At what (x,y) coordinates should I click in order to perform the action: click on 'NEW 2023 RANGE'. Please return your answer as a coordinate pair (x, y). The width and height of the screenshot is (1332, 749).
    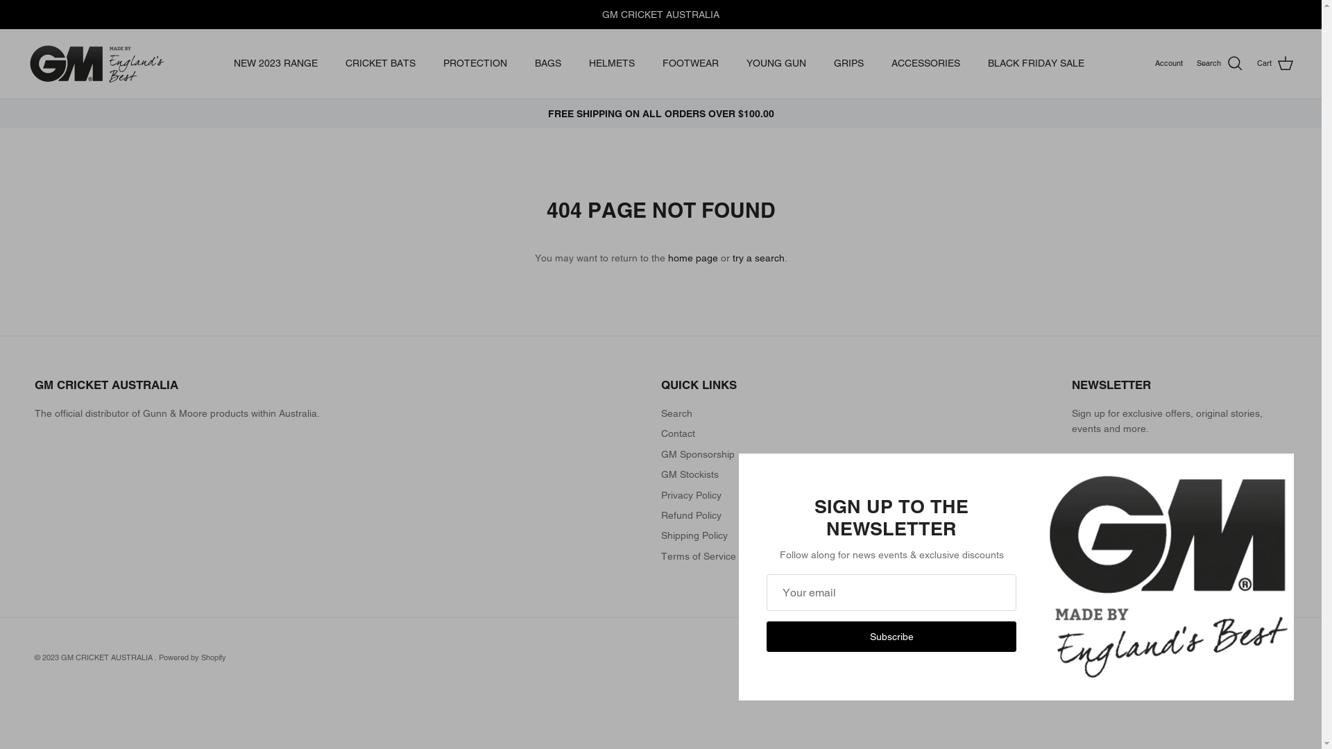
    Looking at the image, I should click on (275, 63).